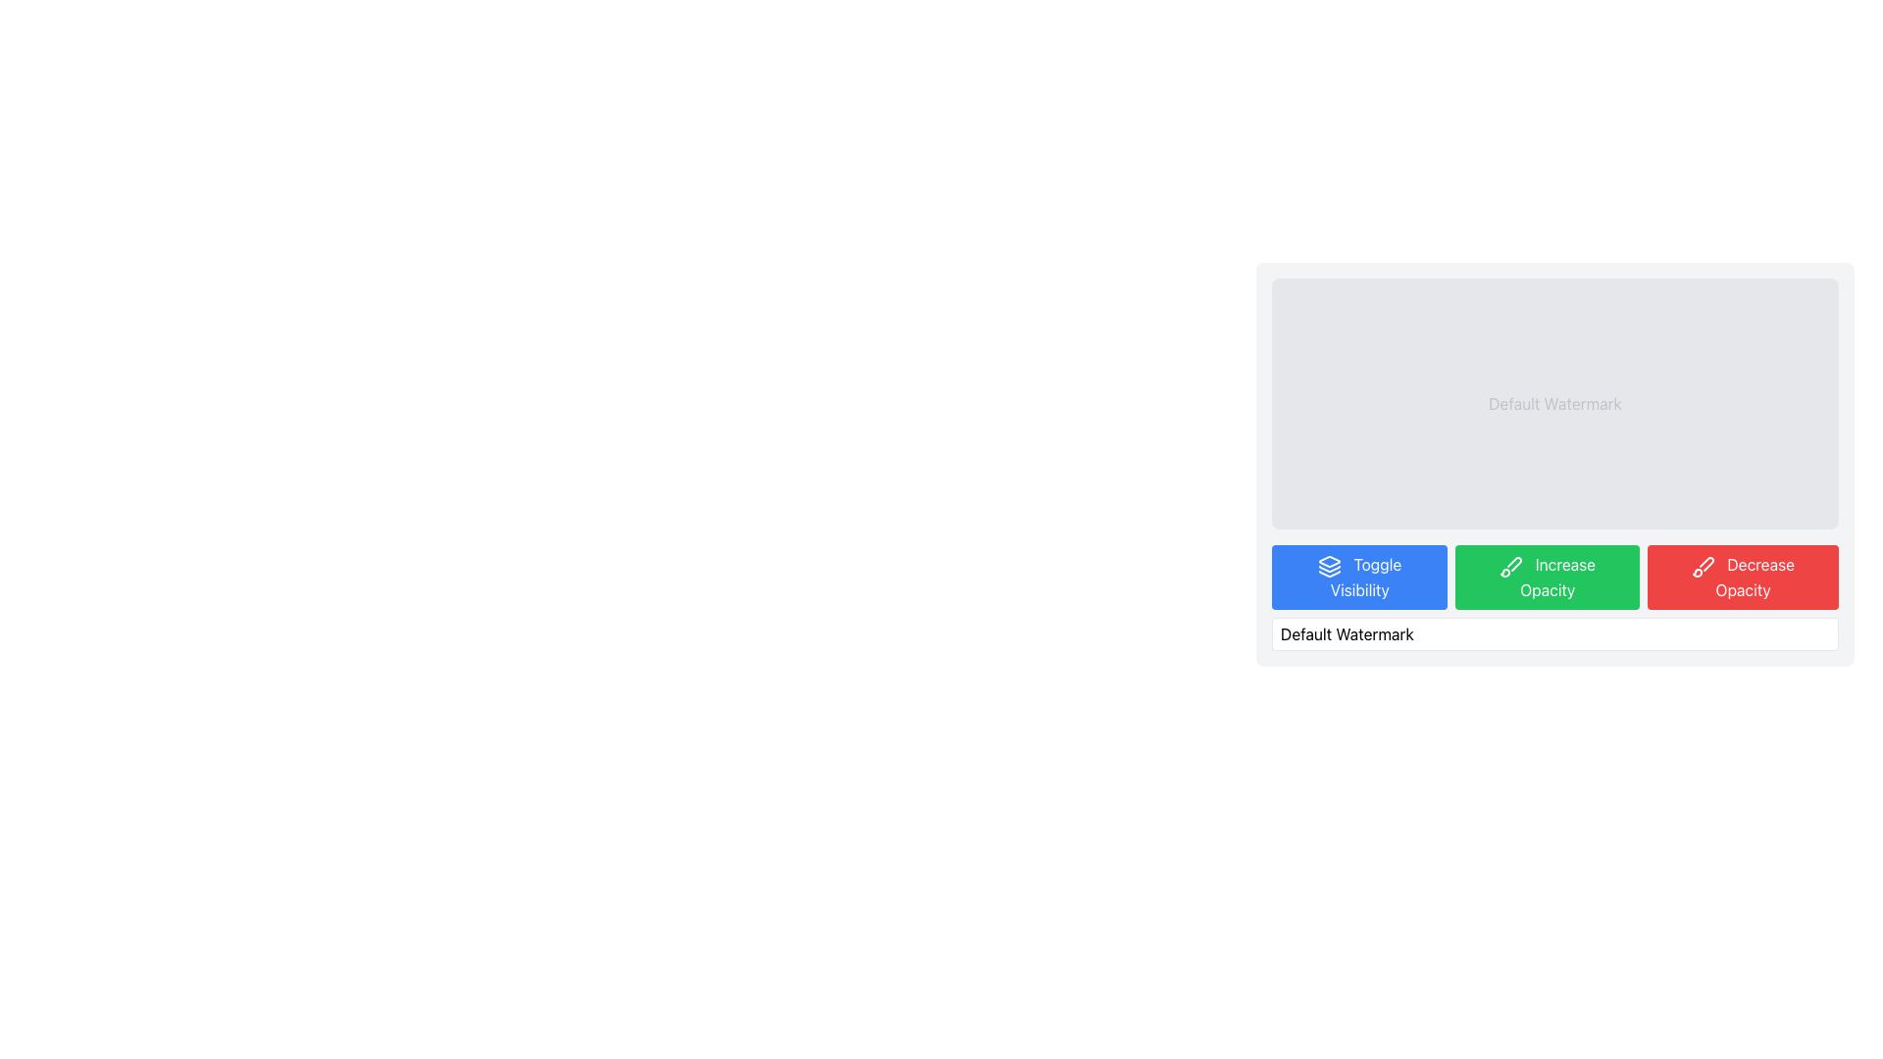 This screenshot has width=1883, height=1059. What do you see at coordinates (1705, 564) in the screenshot?
I see `the decorative vector graphic element that serves as a symbol in the SVG, located towards the right side of the interface near the button group` at bounding box center [1705, 564].